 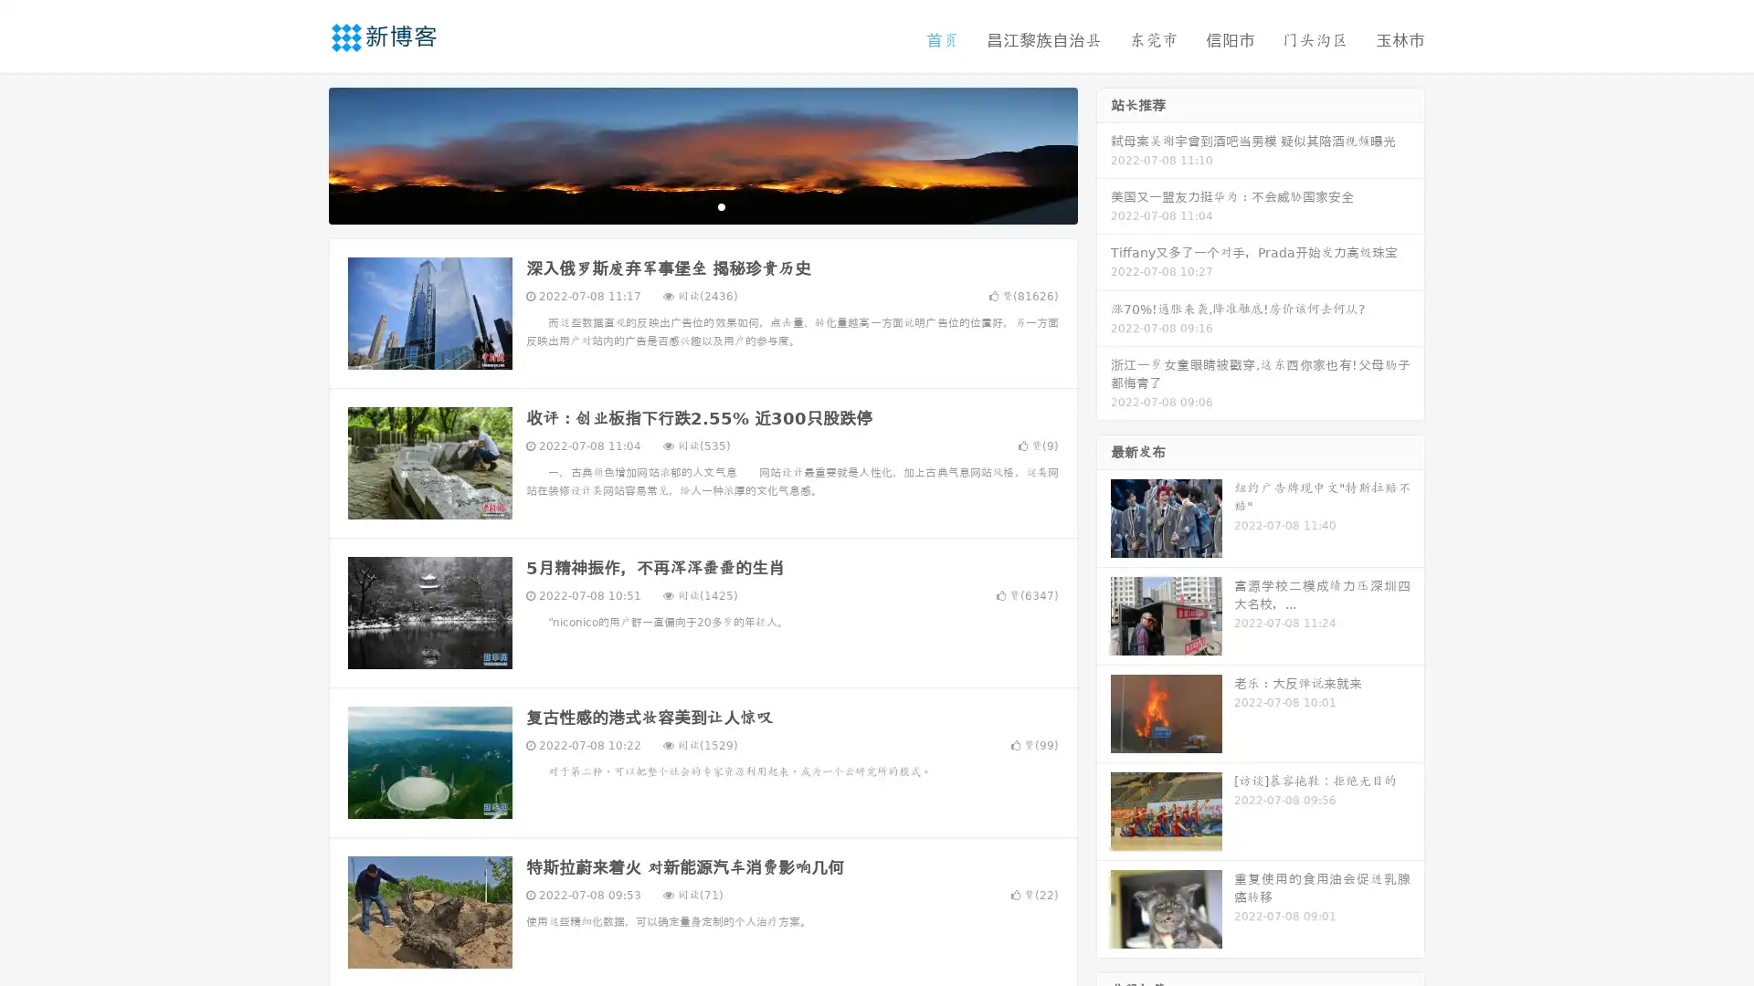 What do you see at coordinates (683, 205) in the screenshot?
I see `Go to slide 1` at bounding box center [683, 205].